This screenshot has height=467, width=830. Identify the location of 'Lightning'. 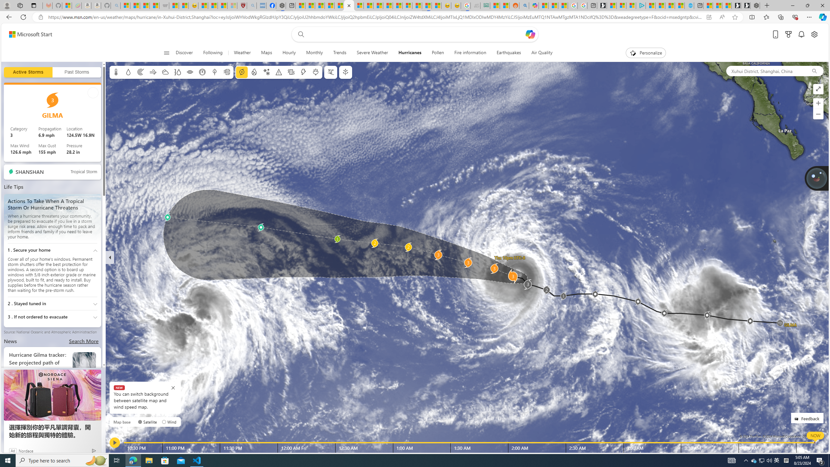
(303, 72).